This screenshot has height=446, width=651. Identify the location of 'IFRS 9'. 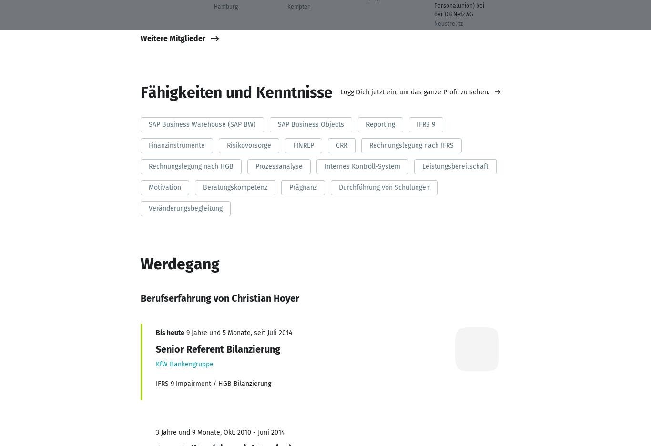
(425, 123).